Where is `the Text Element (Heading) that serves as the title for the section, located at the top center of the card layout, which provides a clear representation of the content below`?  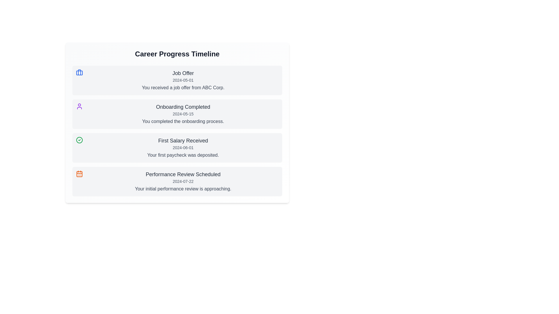
the Text Element (Heading) that serves as the title for the section, located at the top center of the card layout, which provides a clear representation of the content below is located at coordinates (177, 54).